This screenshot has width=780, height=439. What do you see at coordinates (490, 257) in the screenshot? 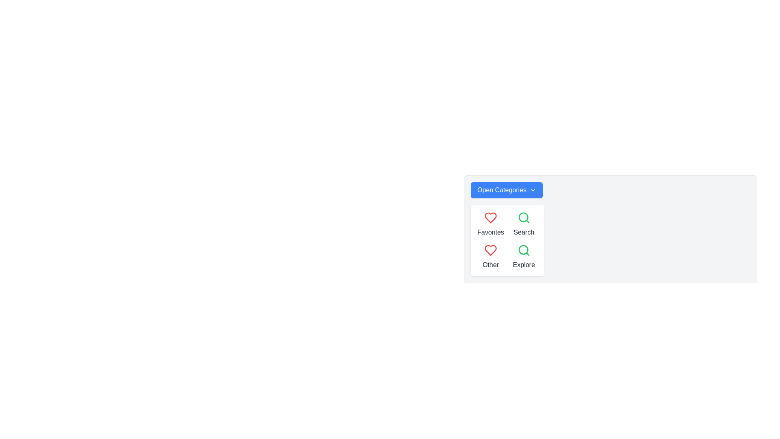
I see `the 'Other' section element, which is a composite UI element combining an icon and descriptive text, located in the bottom-left corner of the grid under 'Open Categories.'` at bounding box center [490, 257].